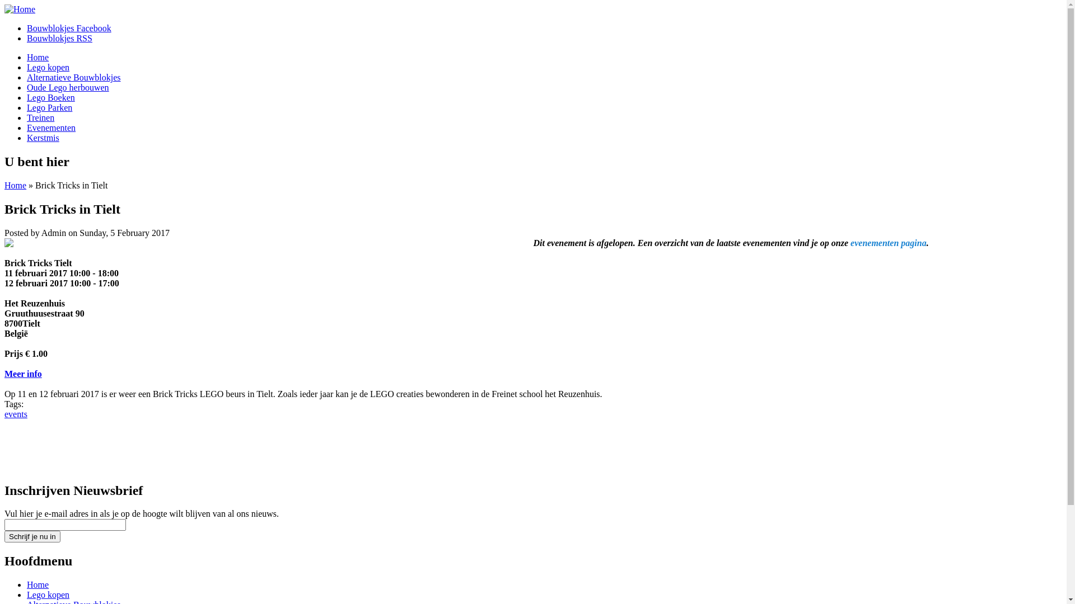 The width and height of the screenshot is (1075, 604). Describe the element at coordinates (68, 27) in the screenshot. I see `'Bouwblokjes Facebook'` at that location.